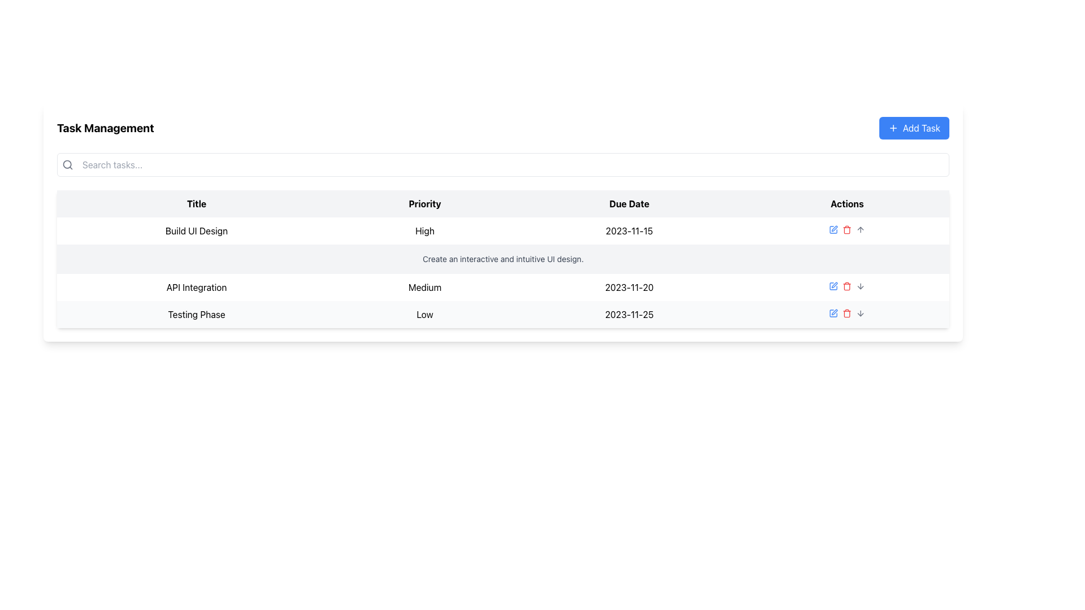  Describe the element at coordinates (424, 230) in the screenshot. I see `the priority label for the task 'Build UI Design' located in the second column of the table` at that location.